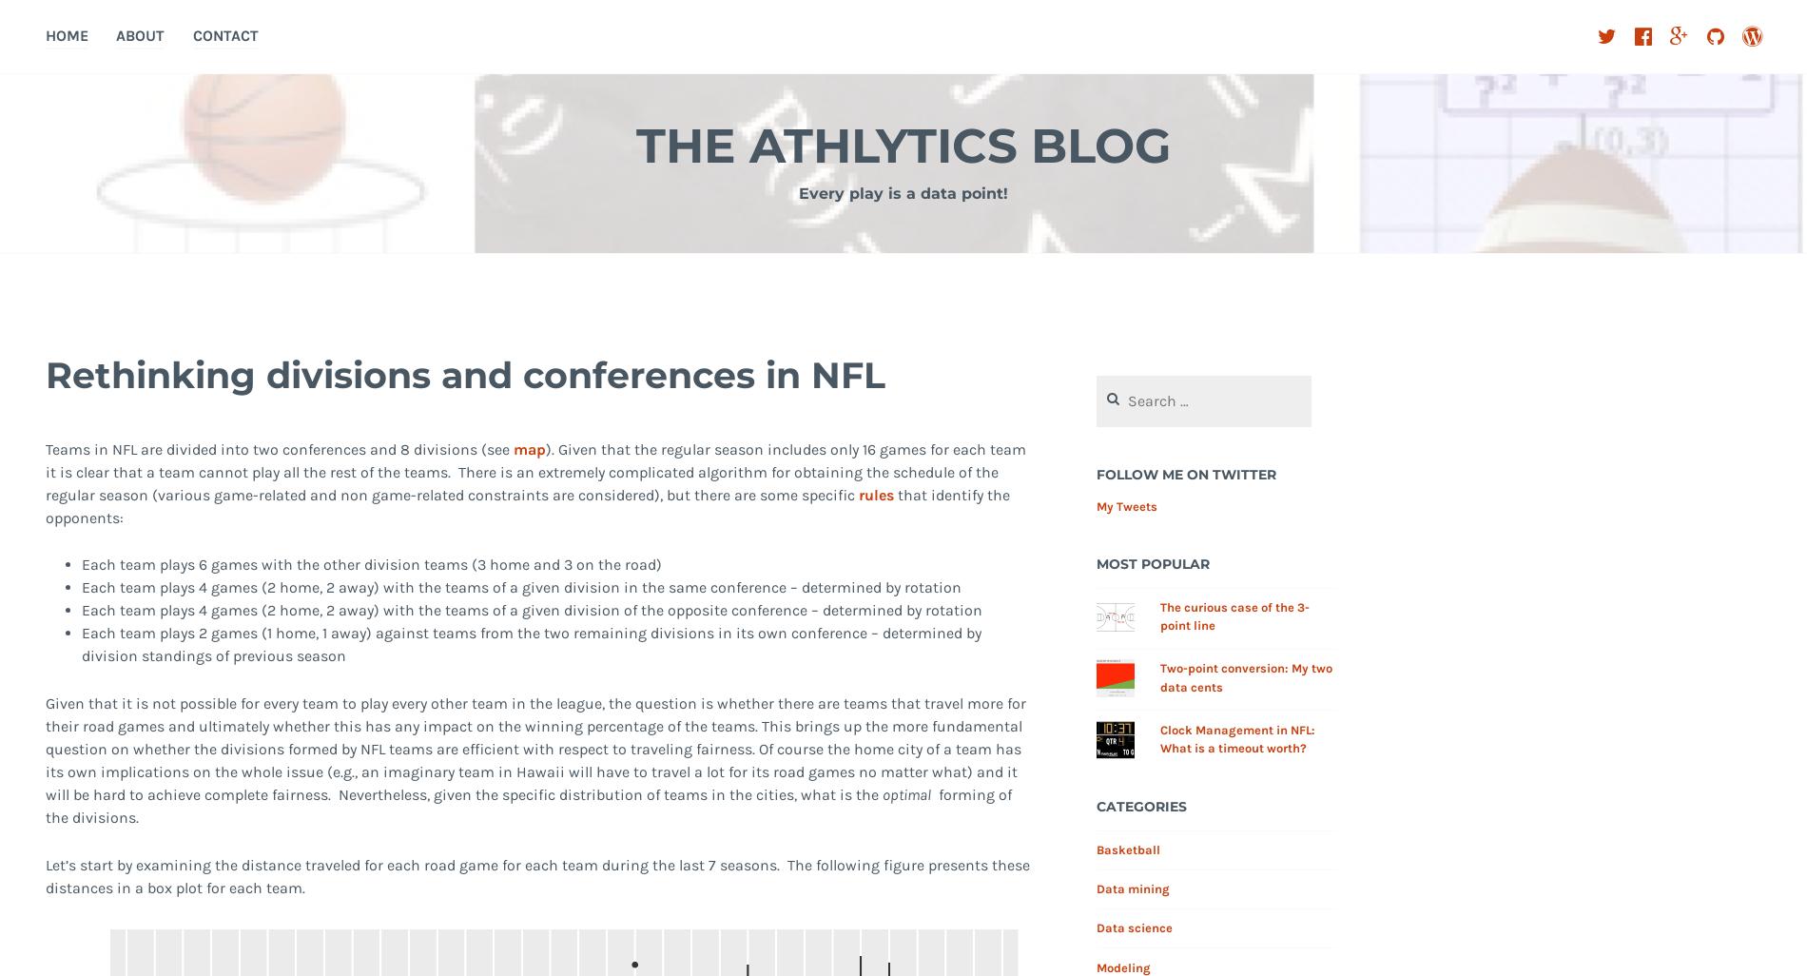  Describe the element at coordinates (1152, 563) in the screenshot. I see `'Most Popular'` at that location.